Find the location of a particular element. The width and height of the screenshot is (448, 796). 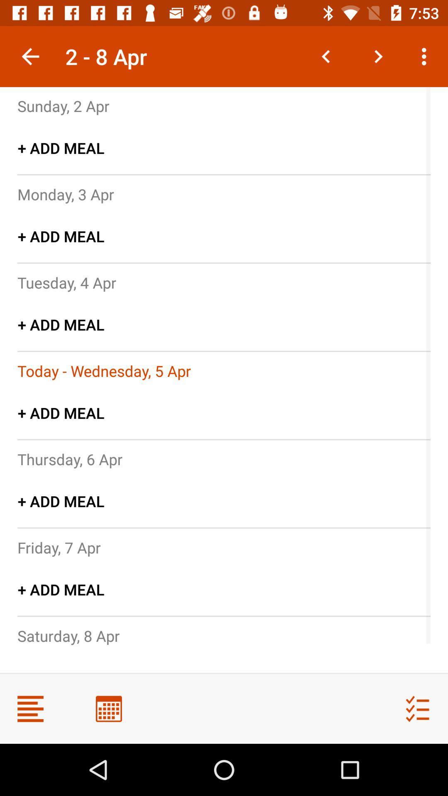

monday, 3 apr item is located at coordinates (65, 194).